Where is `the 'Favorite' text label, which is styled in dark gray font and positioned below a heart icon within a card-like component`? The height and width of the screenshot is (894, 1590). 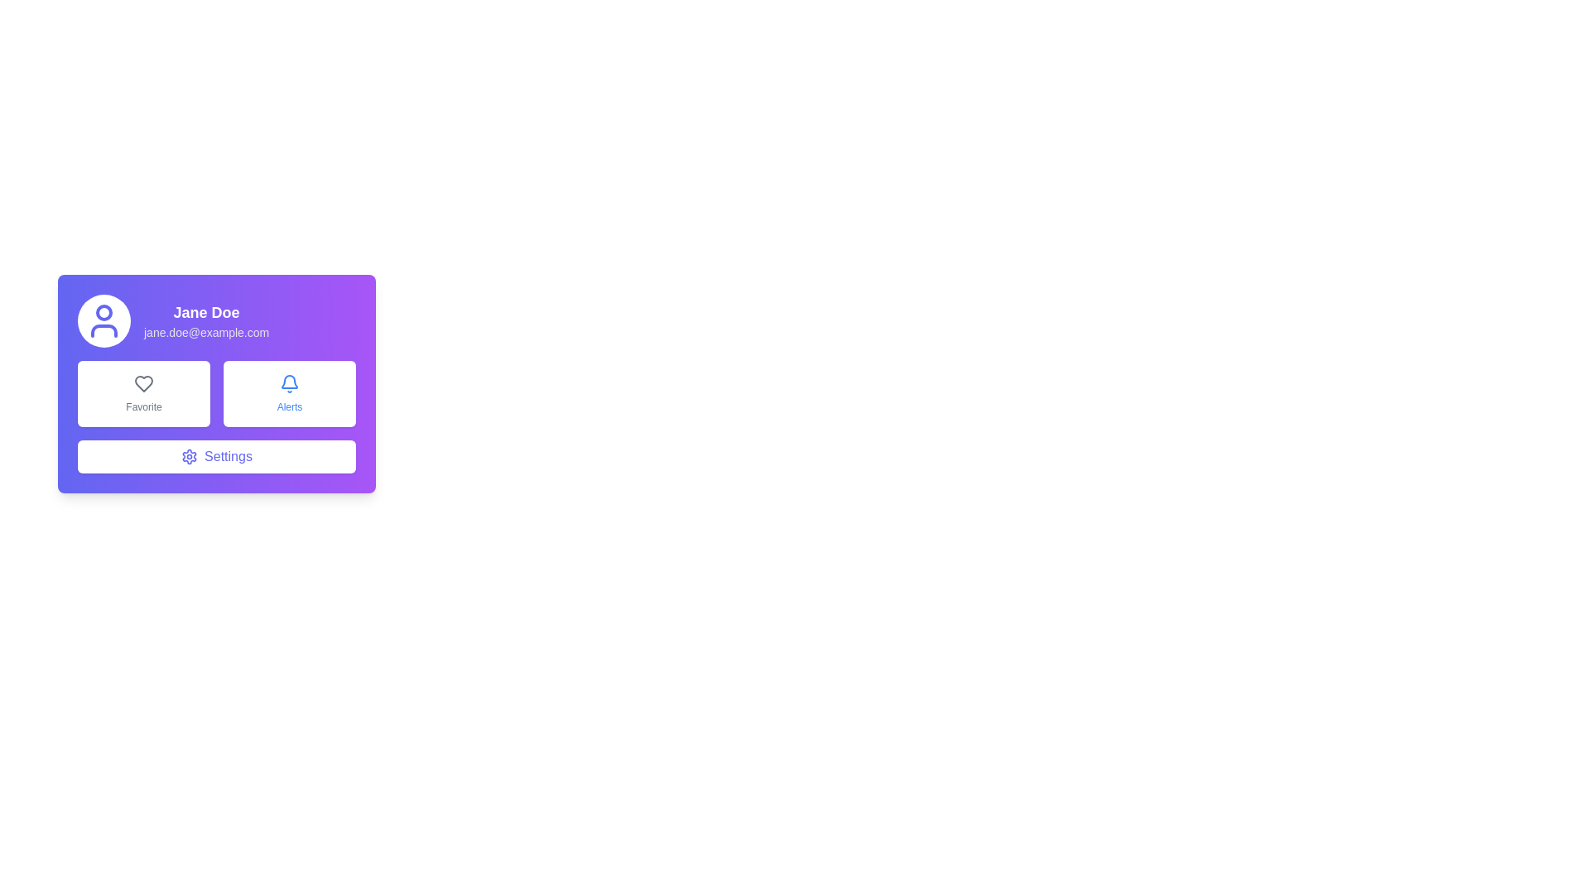 the 'Favorite' text label, which is styled in dark gray font and positioned below a heart icon within a card-like component is located at coordinates (143, 407).